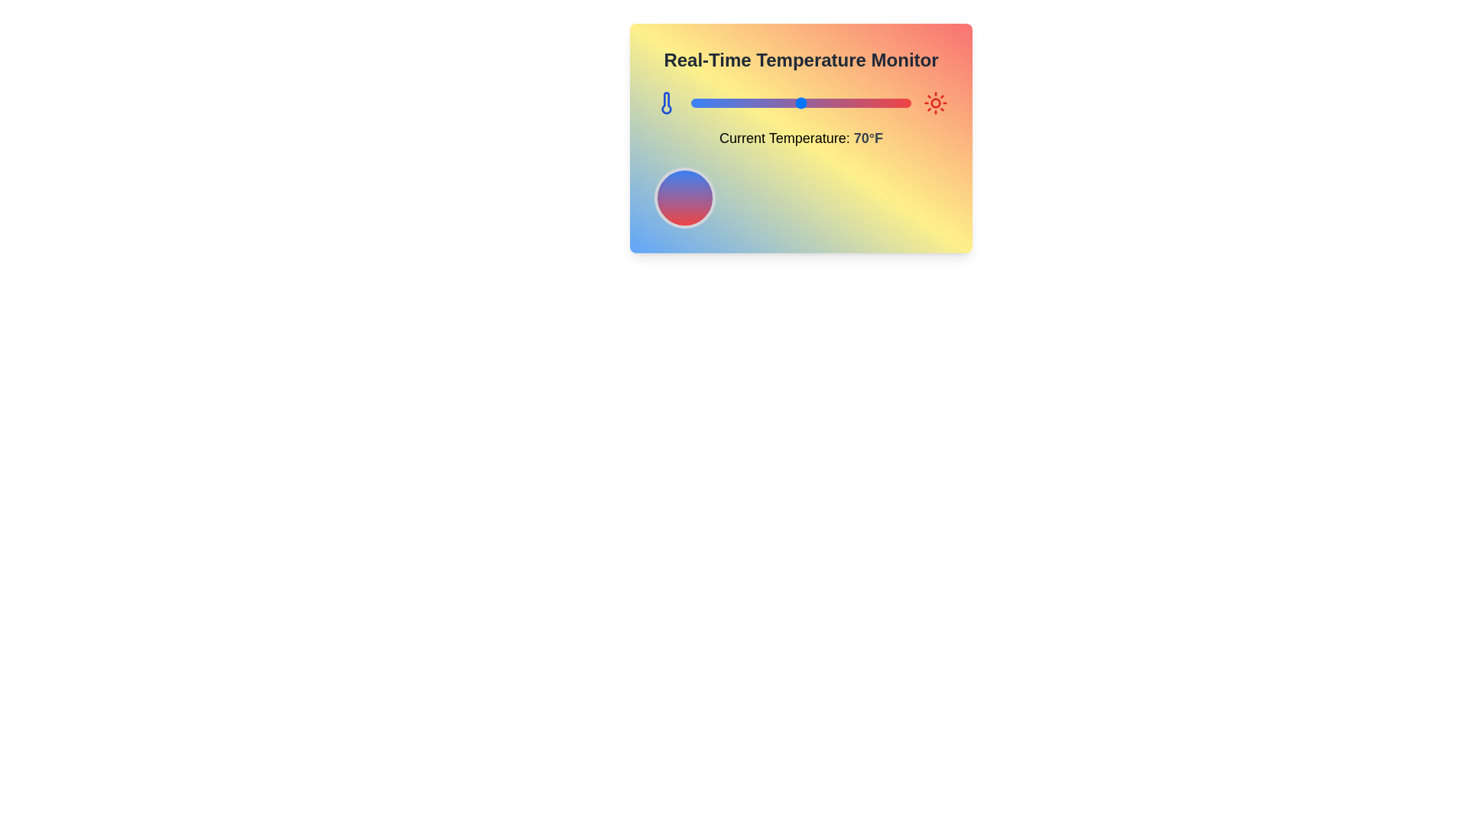 This screenshot has height=826, width=1468. I want to click on the temperature slider to set the temperature to 92°F, so click(849, 103).